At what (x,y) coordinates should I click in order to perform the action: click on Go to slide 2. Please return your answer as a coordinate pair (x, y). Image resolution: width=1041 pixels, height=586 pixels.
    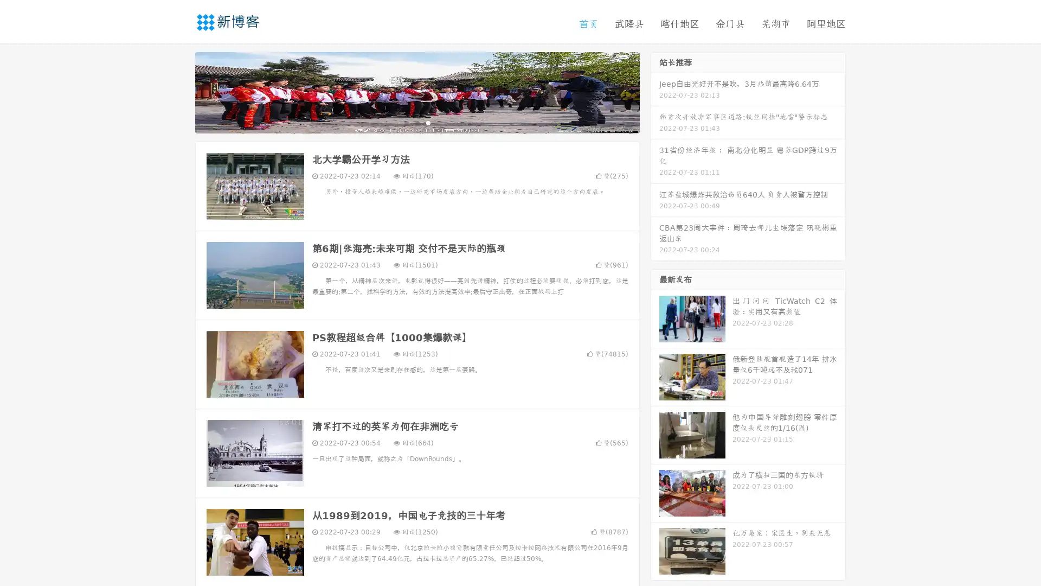
    Looking at the image, I should click on (416, 122).